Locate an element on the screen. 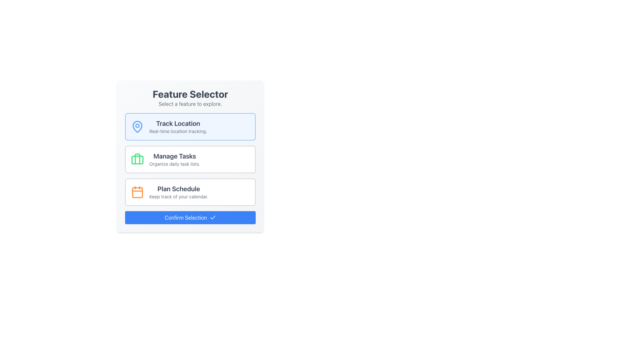 The height and width of the screenshot is (353, 627). the descriptive text element that provides additional information about the 'Plan Schedule' heading, positioned below it and to the right of the orange calendar icon is located at coordinates (179, 196).